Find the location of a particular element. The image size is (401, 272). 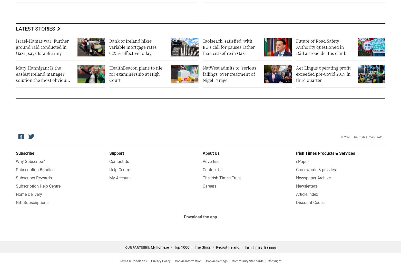

'About Us' is located at coordinates (210, 153).